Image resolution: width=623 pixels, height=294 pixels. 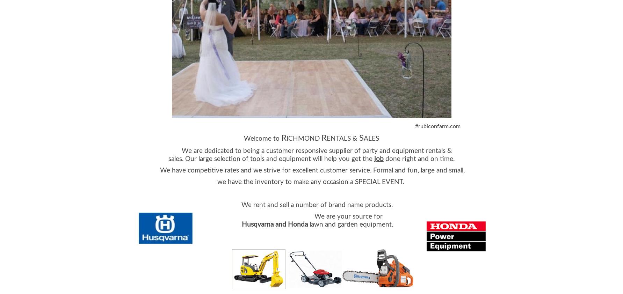 What do you see at coordinates (361, 138) in the screenshot?
I see `'S'` at bounding box center [361, 138].